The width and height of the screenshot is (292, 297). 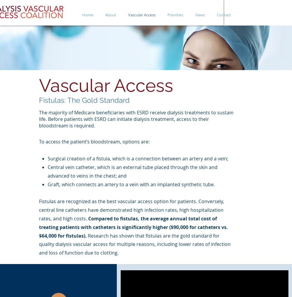 What do you see at coordinates (94, 141) in the screenshot?
I see `'To access the patient’s bloodstream, options are:'` at bounding box center [94, 141].